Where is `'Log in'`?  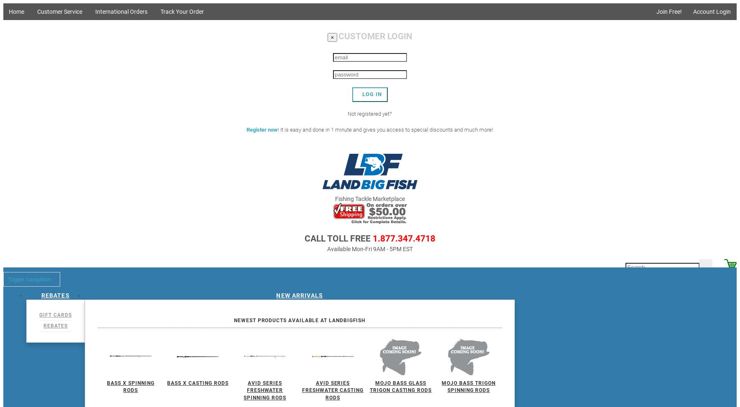 'Log in' is located at coordinates (371, 94).